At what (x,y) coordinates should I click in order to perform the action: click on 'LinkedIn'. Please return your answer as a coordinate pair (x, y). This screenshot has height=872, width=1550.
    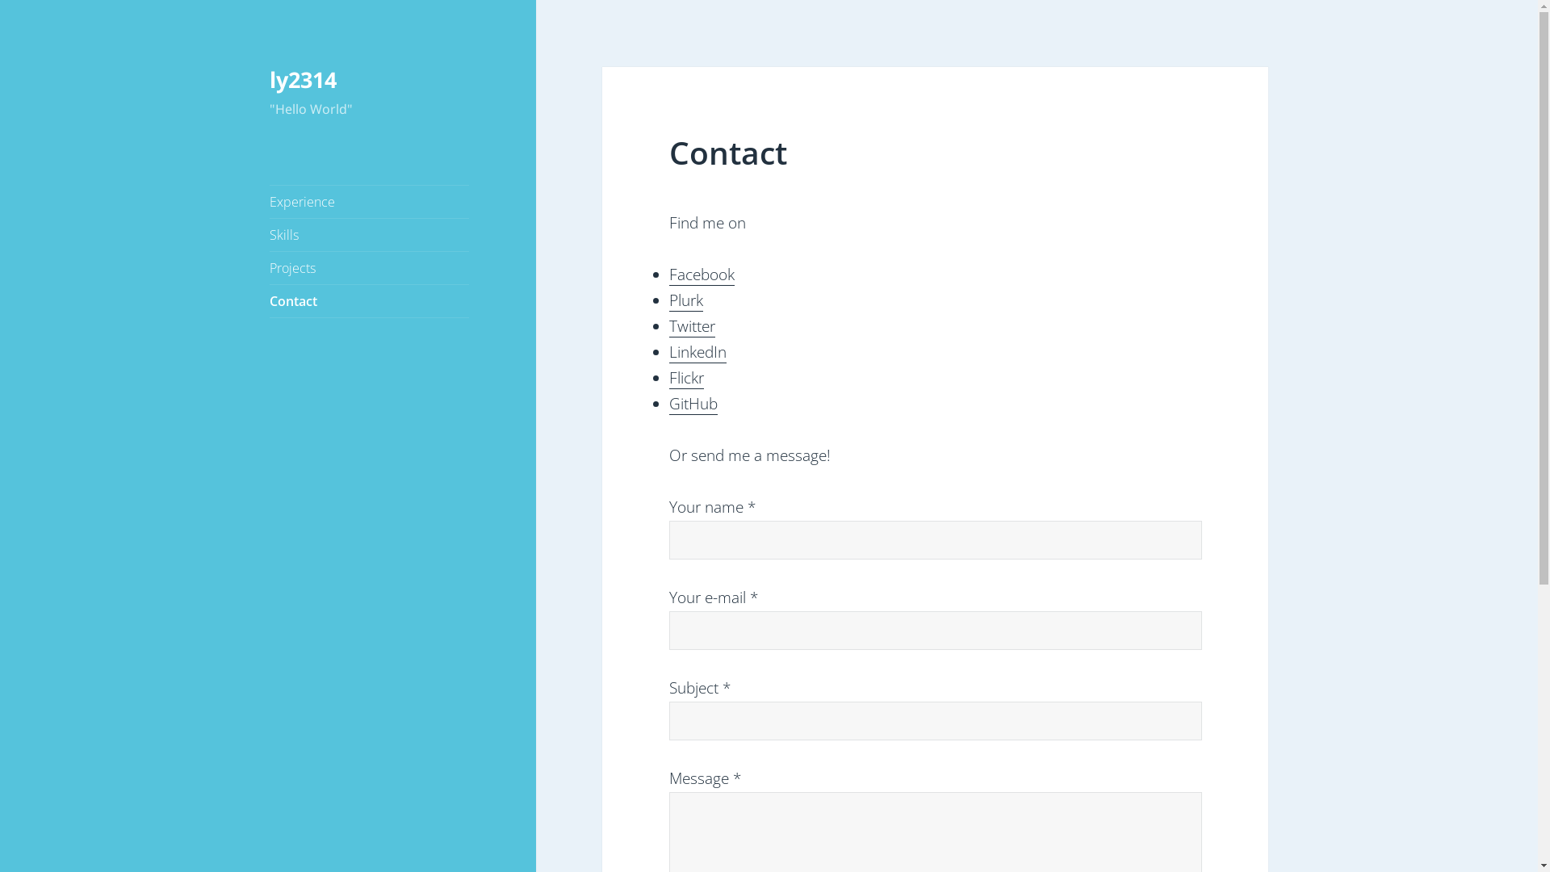
    Looking at the image, I should click on (697, 351).